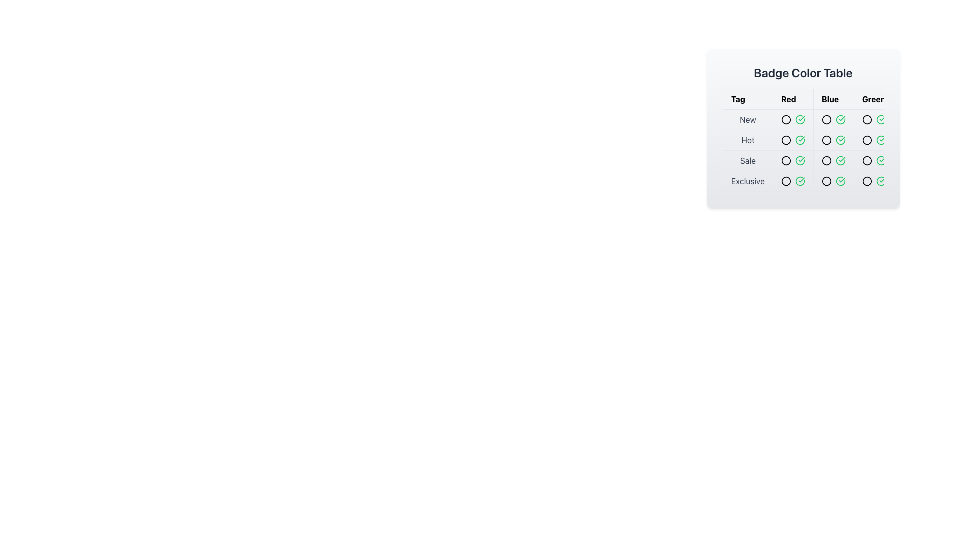  What do you see at coordinates (785, 140) in the screenshot?
I see `the circular badge with a red stroke located in the 'Red' column of the 'Hot' row in the 'Badge Color Table'` at bounding box center [785, 140].